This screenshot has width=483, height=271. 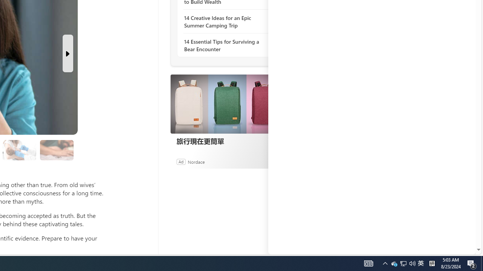 What do you see at coordinates (19, 150) in the screenshot?
I see `'5. Childhood Was High-Risk'` at bounding box center [19, 150].